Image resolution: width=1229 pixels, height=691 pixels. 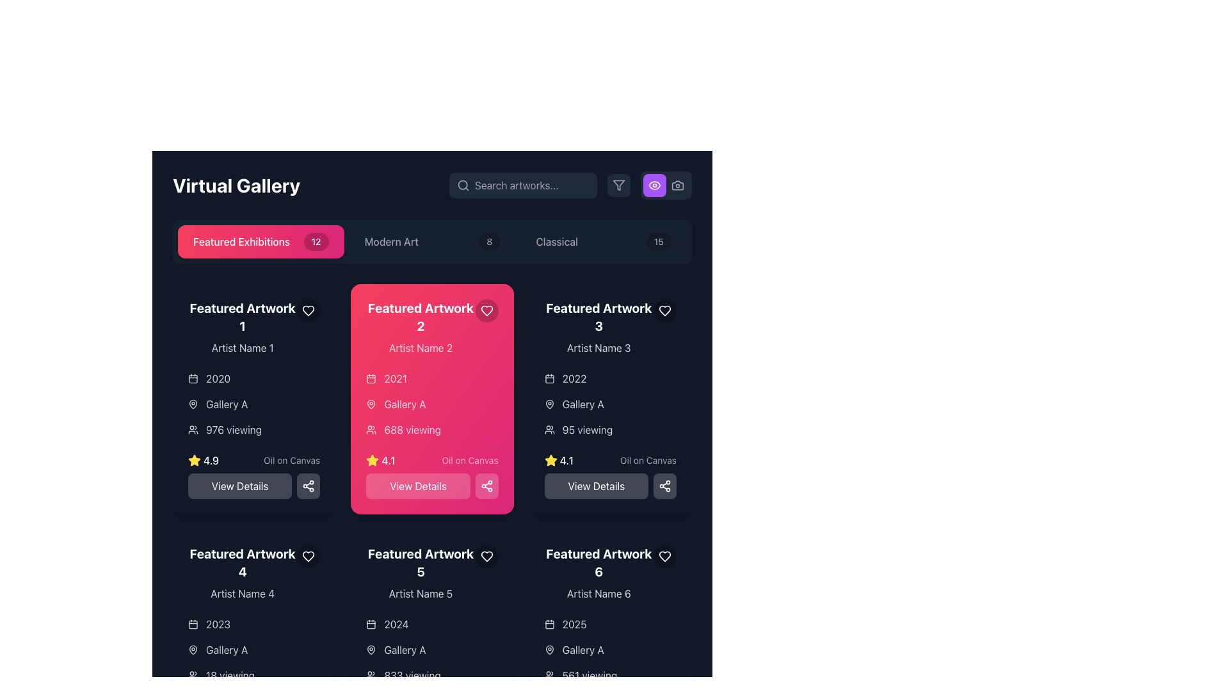 What do you see at coordinates (664, 556) in the screenshot?
I see `the circular button with a faint black background and a white heart icon, located in the top-right corner of the 'Featured Artwork 6' card` at bounding box center [664, 556].